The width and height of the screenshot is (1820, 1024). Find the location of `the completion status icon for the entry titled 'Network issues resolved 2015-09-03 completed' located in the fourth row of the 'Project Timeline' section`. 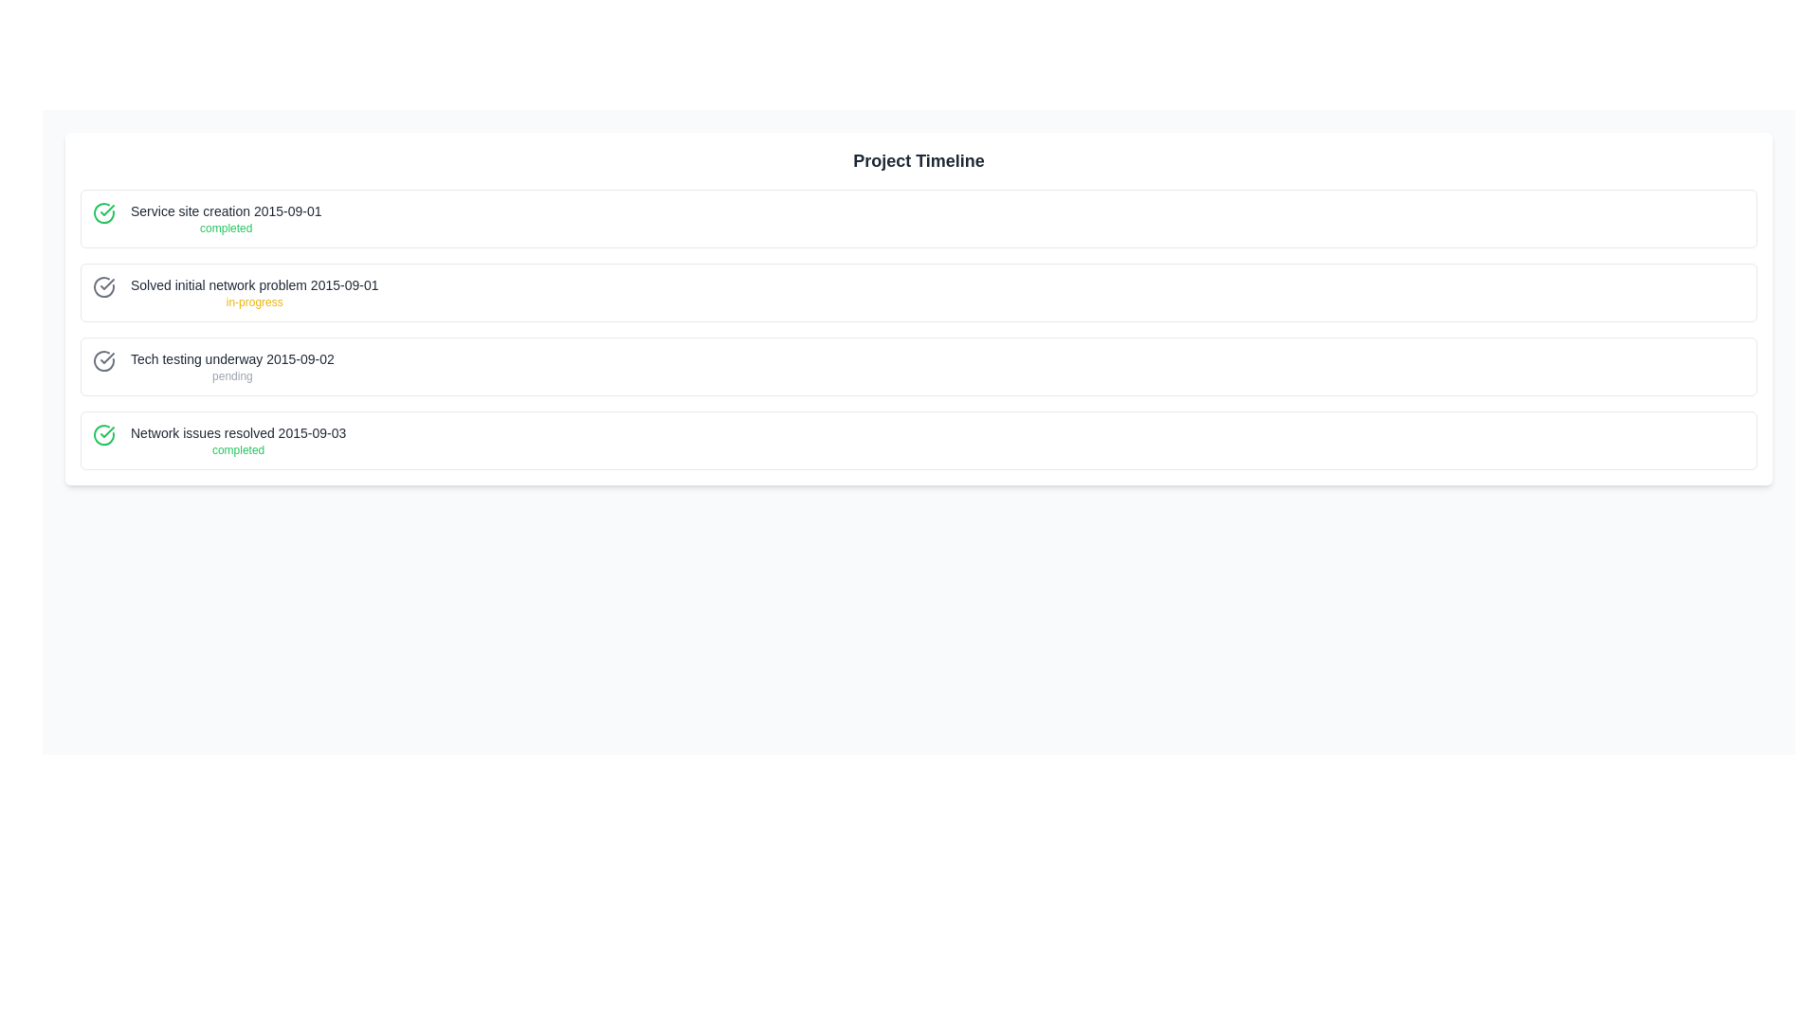

the completion status icon for the entry titled 'Network issues resolved 2015-09-03 completed' located in the fourth row of the 'Project Timeline' section is located at coordinates (103, 435).